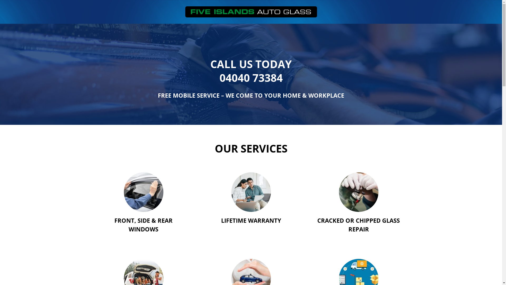  What do you see at coordinates (250, 78) in the screenshot?
I see `'04040 73384'` at bounding box center [250, 78].